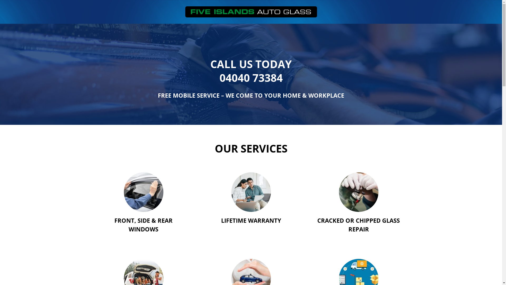  What do you see at coordinates (250, 78) in the screenshot?
I see `'04040 73384'` at bounding box center [250, 78].